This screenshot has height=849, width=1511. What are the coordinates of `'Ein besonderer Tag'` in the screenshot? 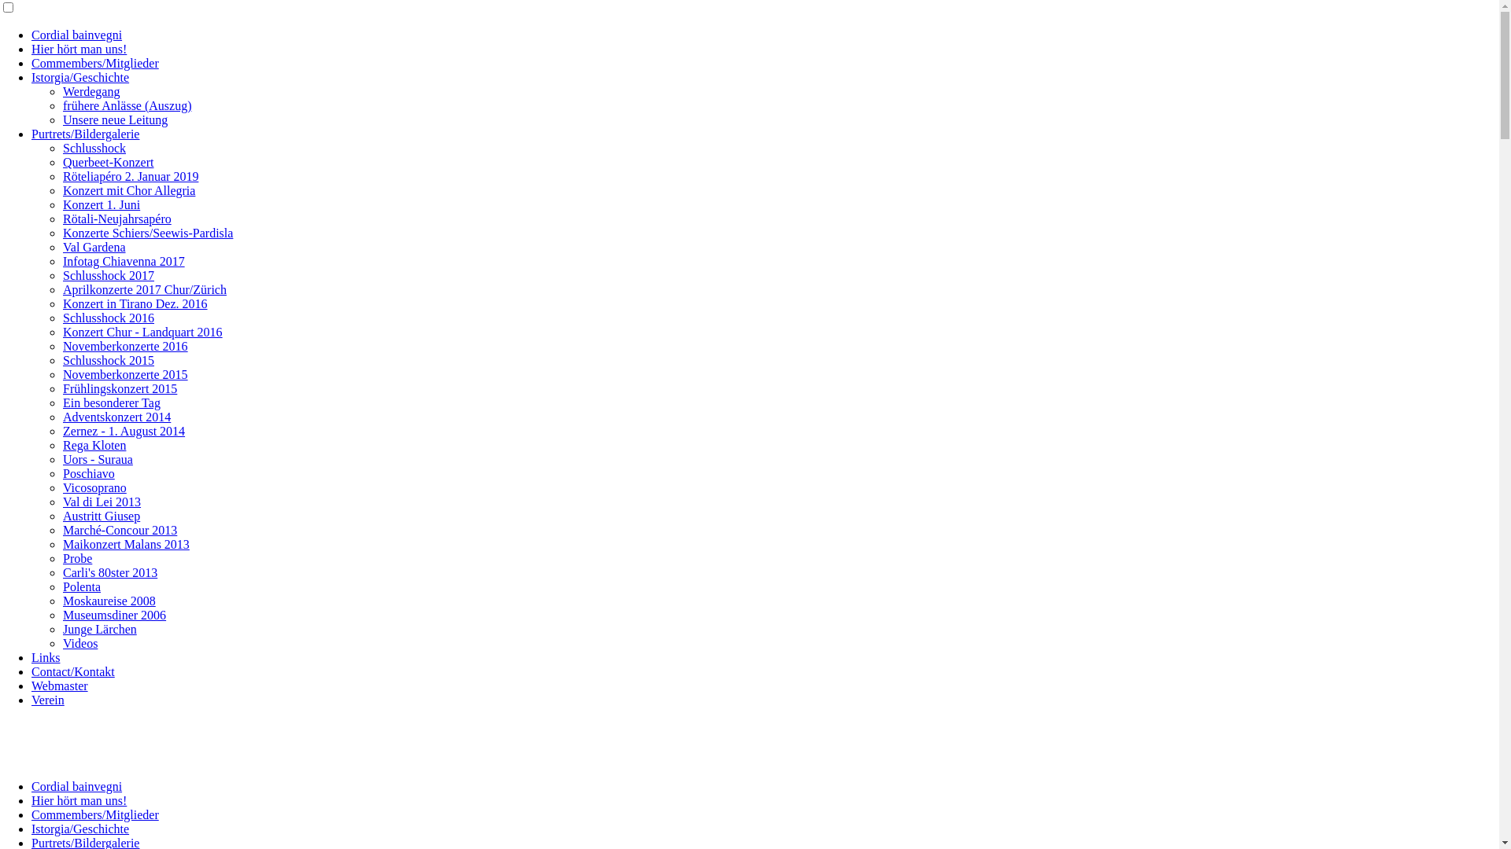 It's located at (63, 402).